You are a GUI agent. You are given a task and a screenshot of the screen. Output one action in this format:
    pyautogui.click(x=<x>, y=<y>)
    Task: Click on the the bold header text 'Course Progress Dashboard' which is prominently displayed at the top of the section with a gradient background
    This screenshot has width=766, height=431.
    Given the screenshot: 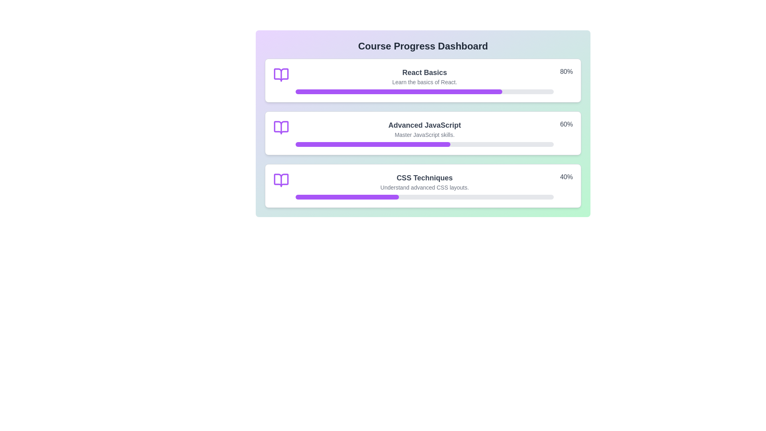 What is the action you would take?
    pyautogui.click(x=422, y=46)
    